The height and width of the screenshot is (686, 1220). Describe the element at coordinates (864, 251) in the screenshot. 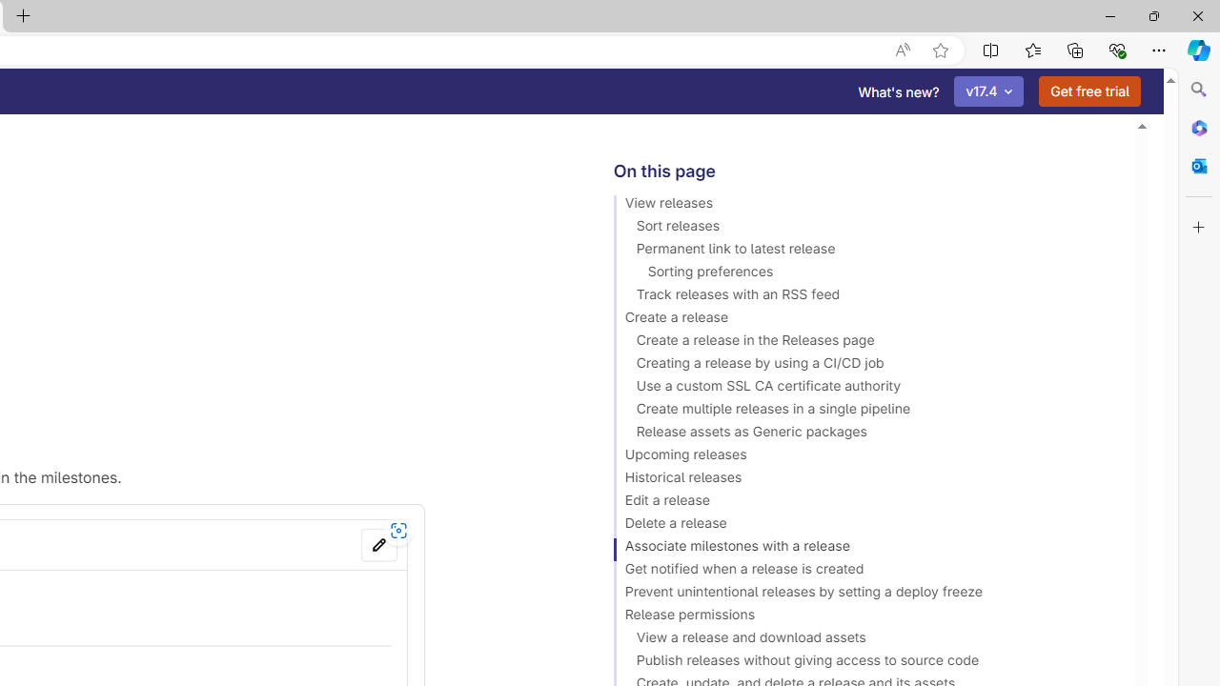

I see `'Permanent link to latest release'` at that location.